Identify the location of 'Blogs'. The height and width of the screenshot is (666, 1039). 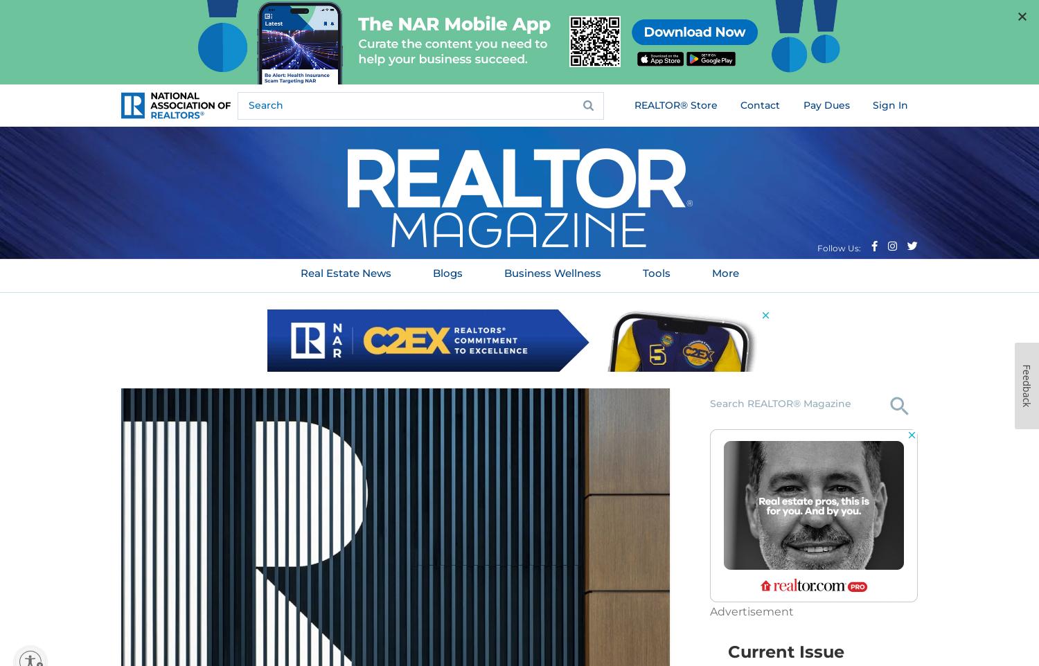
(447, 271).